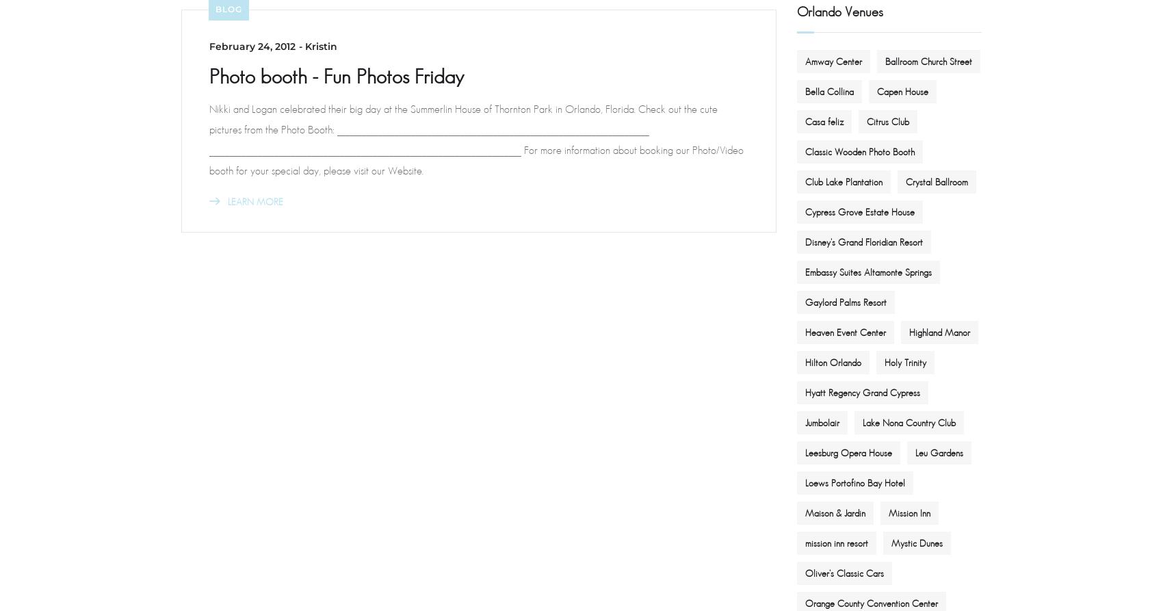 This screenshot has width=1163, height=611. I want to click on 'Photo booth - Fun Photos Friday', so click(336, 76).